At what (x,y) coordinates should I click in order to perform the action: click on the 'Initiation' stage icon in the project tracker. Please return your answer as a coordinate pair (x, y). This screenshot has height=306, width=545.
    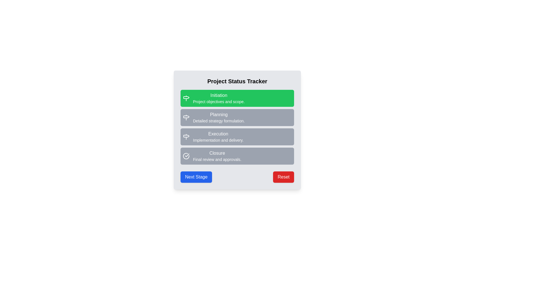
    Looking at the image, I should click on (186, 98).